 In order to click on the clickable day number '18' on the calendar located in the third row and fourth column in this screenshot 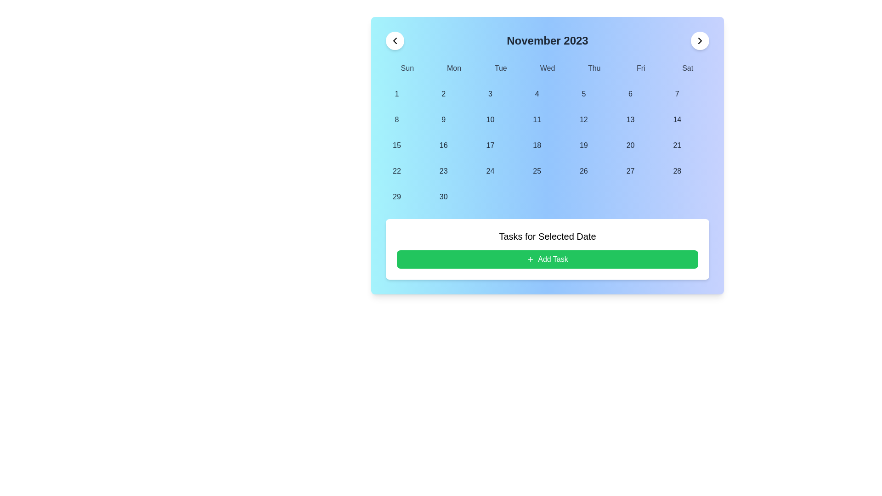, I will do `click(537, 145)`.